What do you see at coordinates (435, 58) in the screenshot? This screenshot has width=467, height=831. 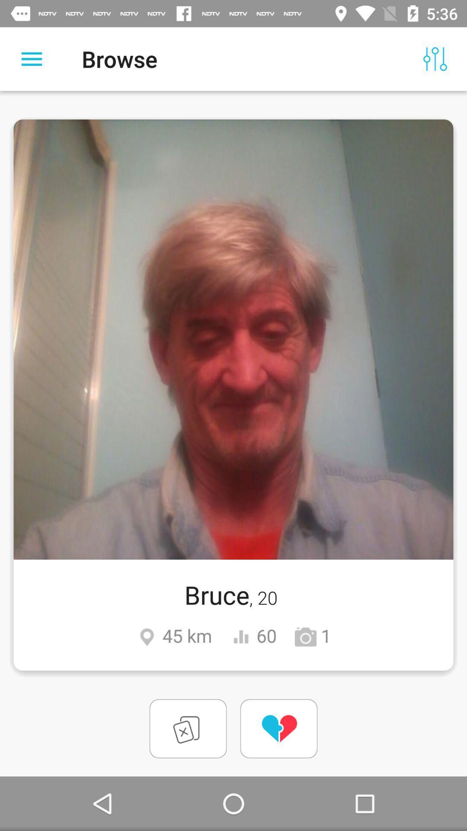 I see `the item at the top right corner` at bounding box center [435, 58].